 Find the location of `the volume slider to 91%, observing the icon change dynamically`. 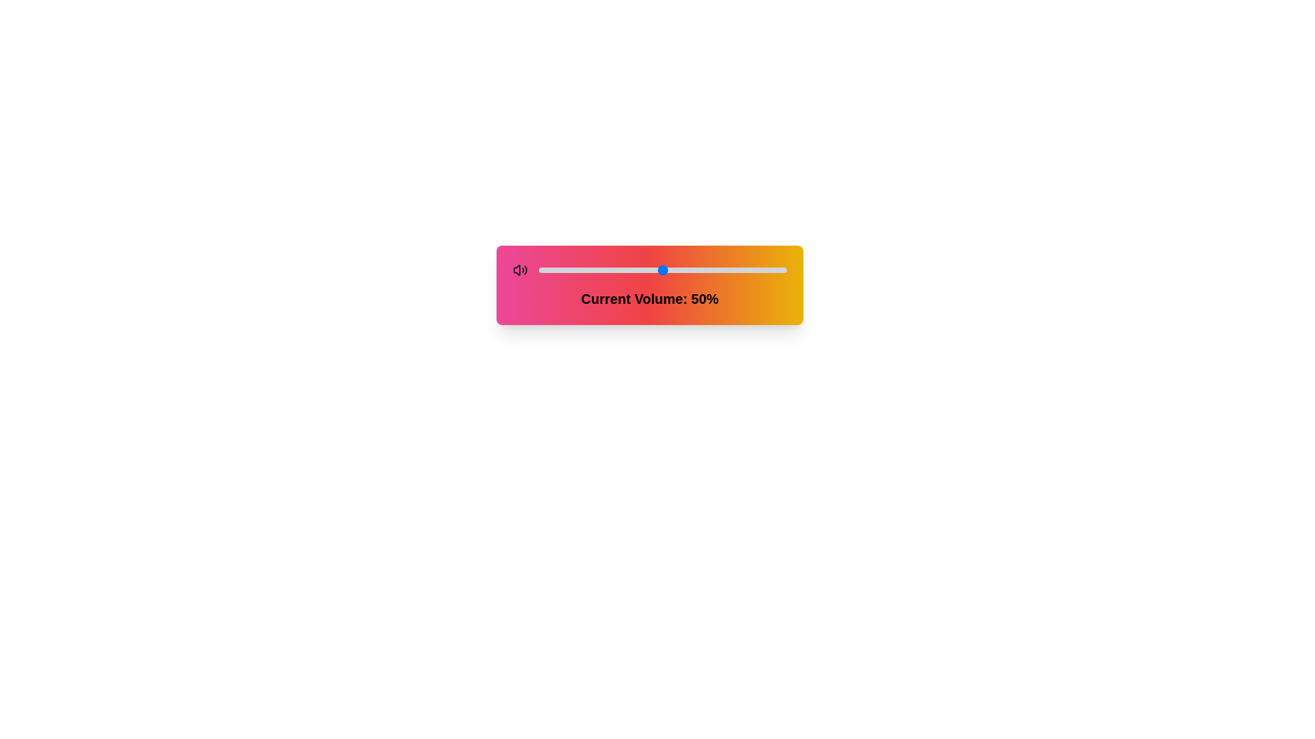

the volume slider to 91%, observing the icon change dynamically is located at coordinates (764, 270).